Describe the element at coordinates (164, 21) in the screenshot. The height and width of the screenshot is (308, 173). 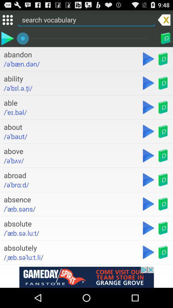
I see `the close icon` at that location.